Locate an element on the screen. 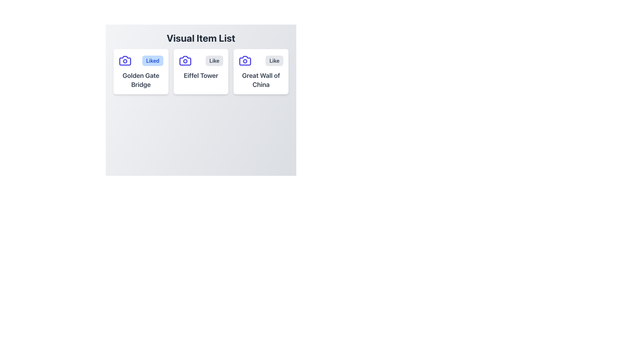  the camera icon located to the left of the 'Liked' button and above the 'Golden Gate Bridge' text is located at coordinates (125, 61).